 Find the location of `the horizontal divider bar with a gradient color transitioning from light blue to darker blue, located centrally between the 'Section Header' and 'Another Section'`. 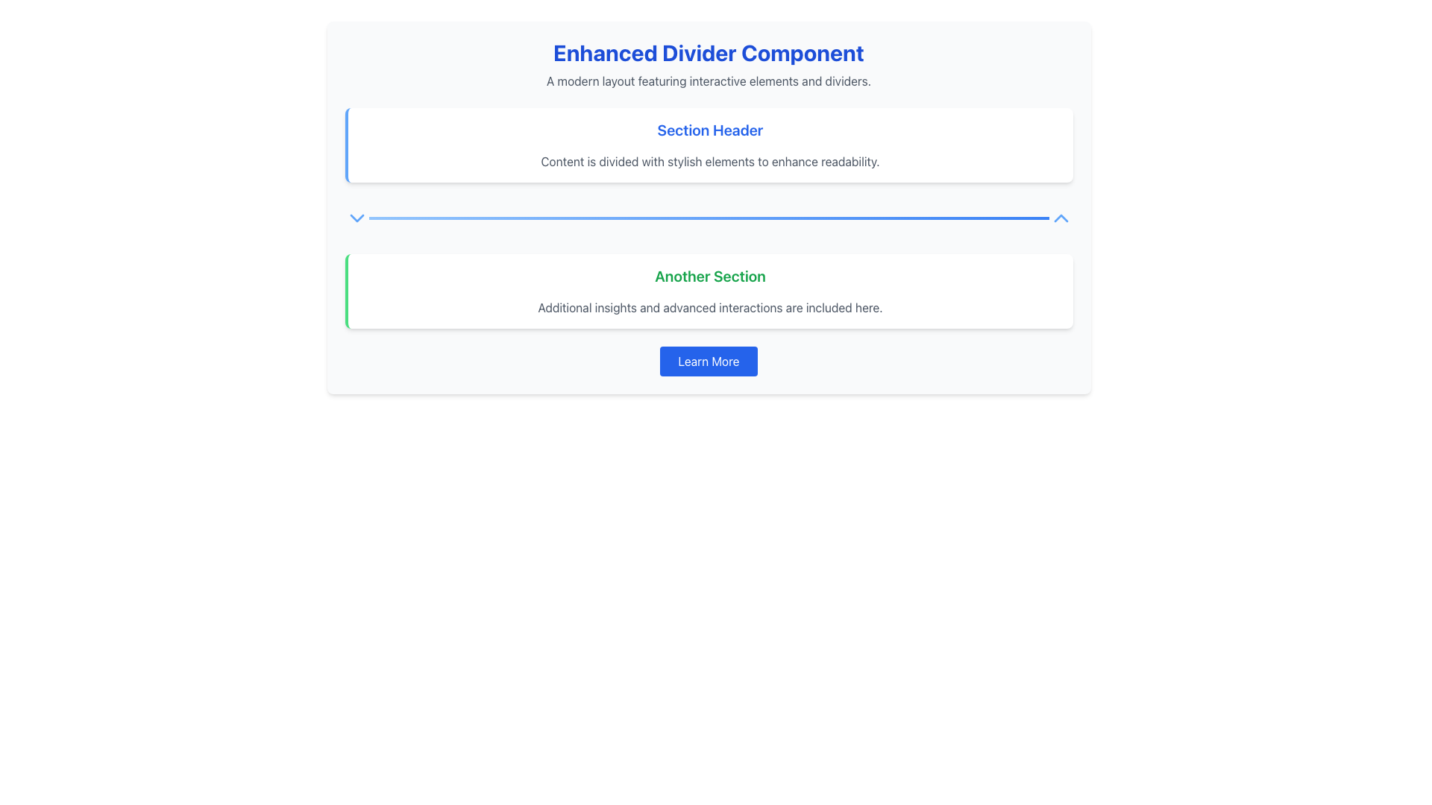

the horizontal divider bar with a gradient color transitioning from light blue to darker blue, located centrally between the 'Section Header' and 'Another Section' is located at coordinates (708, 218).